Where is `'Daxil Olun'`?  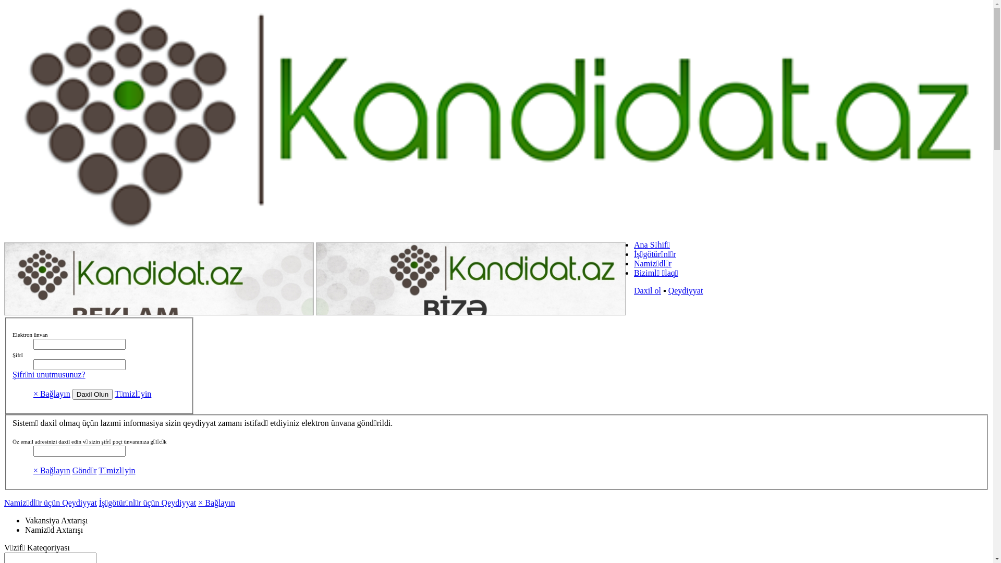
'Daxil Olun' is located at coordinates (92, 394).